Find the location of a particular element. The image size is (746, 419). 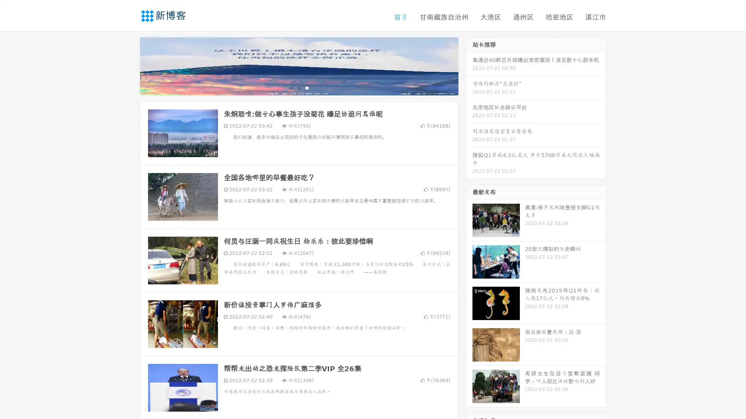

Go to slide 1 is located at coordinates (291, 87).